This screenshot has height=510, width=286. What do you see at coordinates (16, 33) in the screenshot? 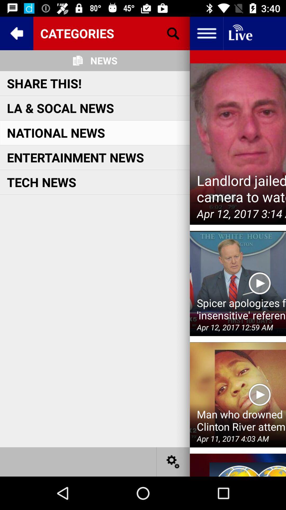
I see `the arrow_backward icon` at bounding box center [16, 33].